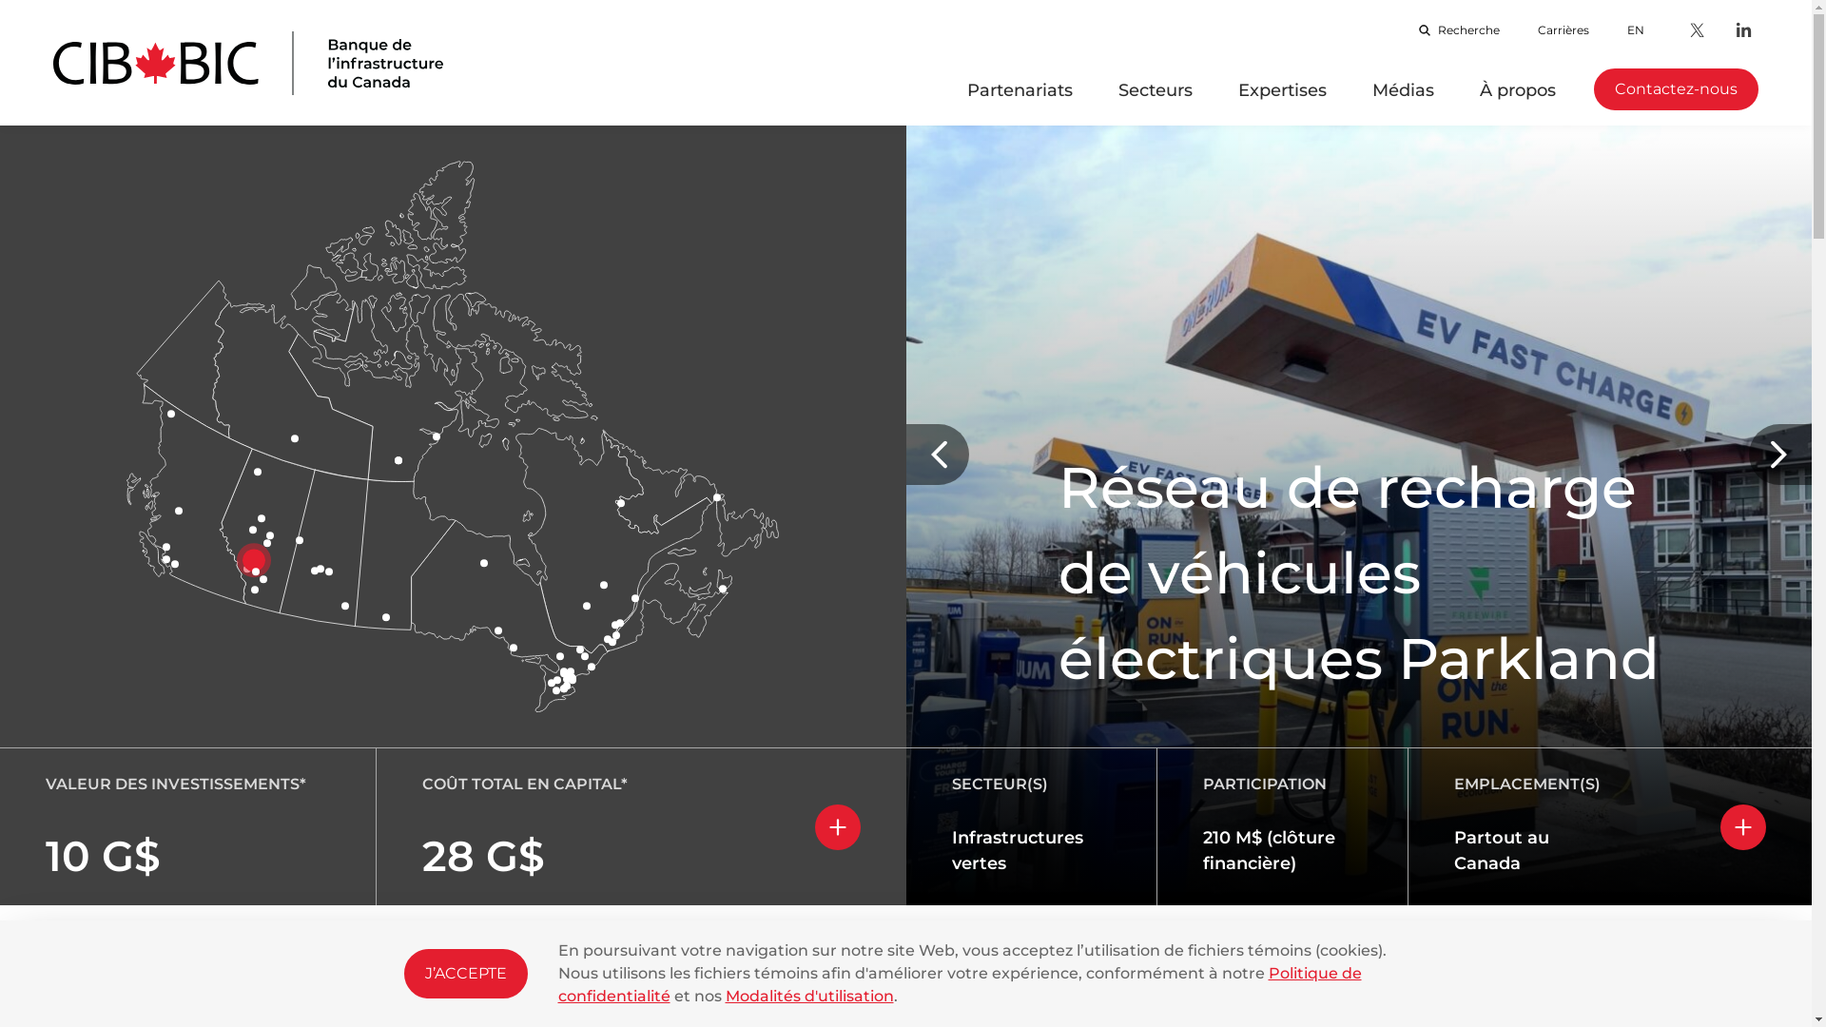 This screenshot has width=1826, height=1027. I want to click on 'Contactez-nous', so click(1676, 88).